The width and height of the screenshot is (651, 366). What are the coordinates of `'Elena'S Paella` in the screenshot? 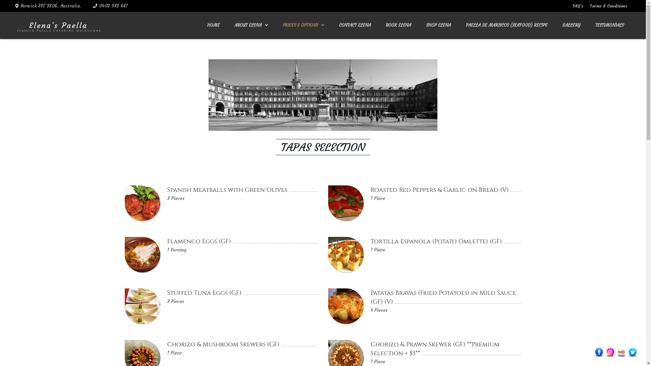 It's located at (58, 27).